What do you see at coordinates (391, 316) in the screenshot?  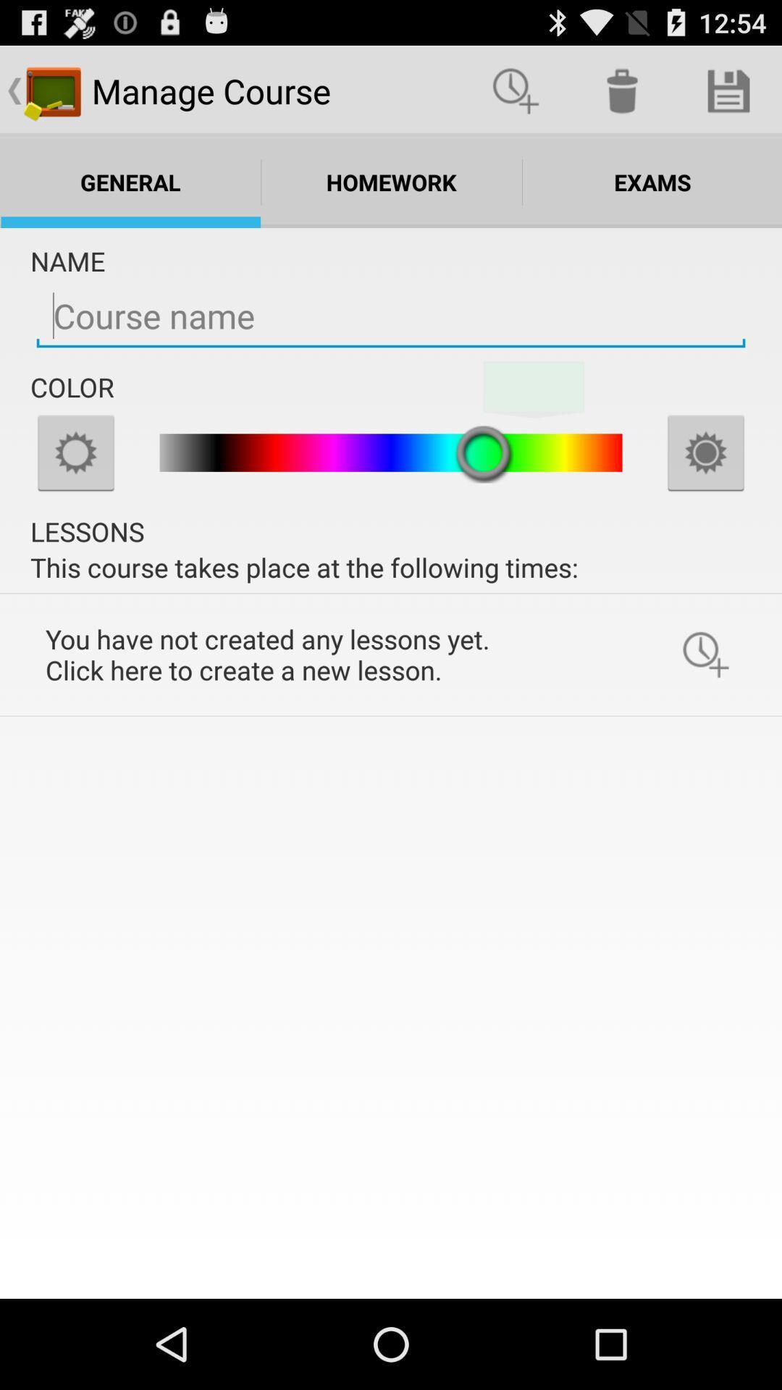 I see `the name of course` at bounding box center [391, 316].